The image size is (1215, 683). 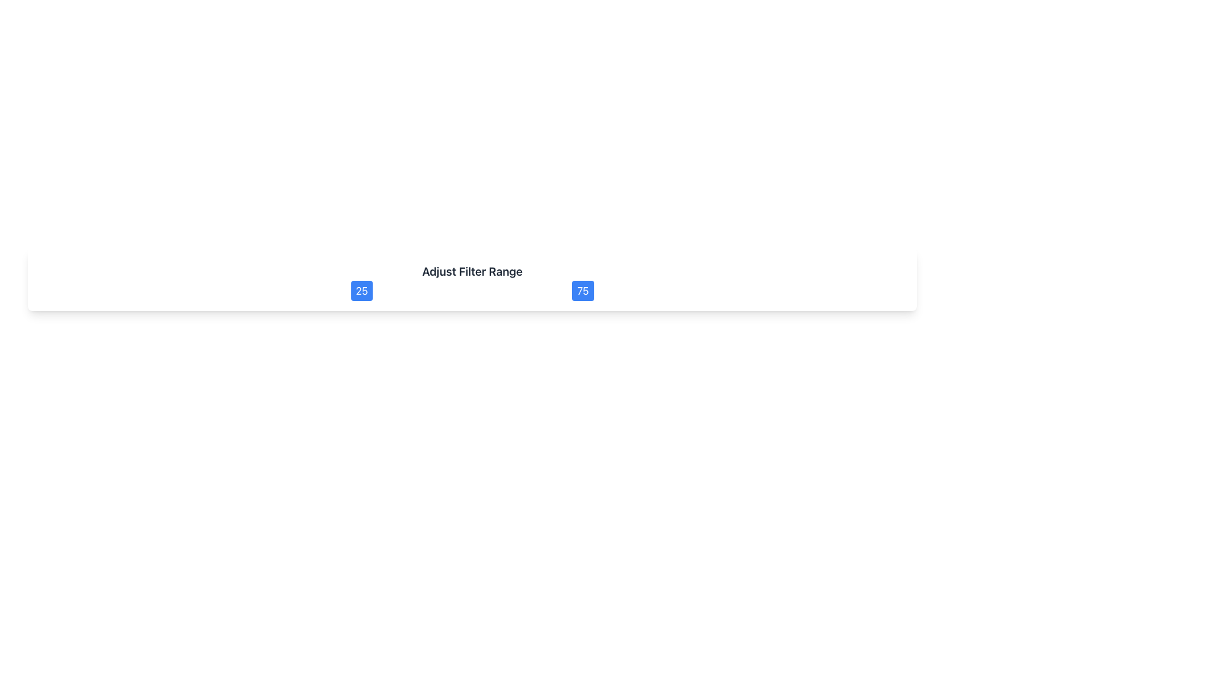 I want to click on slider value, so click(x=549, y=297).